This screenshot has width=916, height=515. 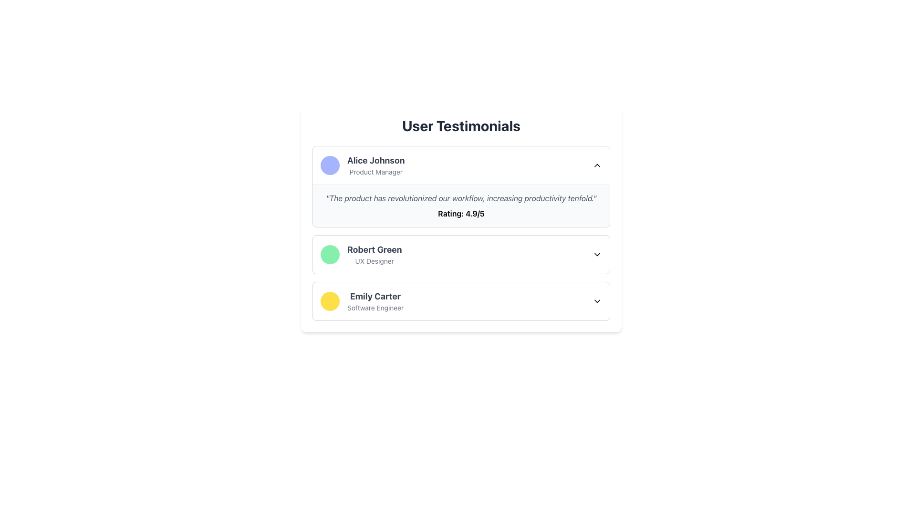 I want to click on the text label displaying 'Alice Johnson', which is a bold, dark gray name label in the testimonial section, located near a circular light blue profile icon, so click(x=375, y=160).